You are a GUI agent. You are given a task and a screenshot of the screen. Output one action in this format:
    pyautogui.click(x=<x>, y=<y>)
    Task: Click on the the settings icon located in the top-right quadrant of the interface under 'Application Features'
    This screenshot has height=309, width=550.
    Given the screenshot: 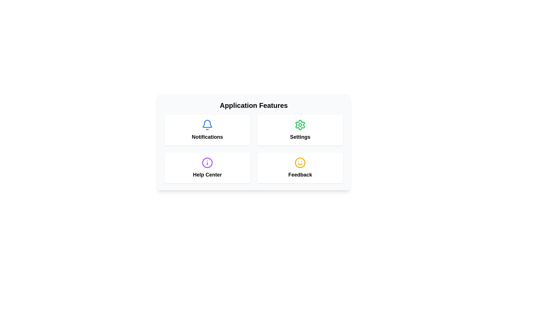 What is the action you would take?
    pyautogui.click(x=300, y=124)
    